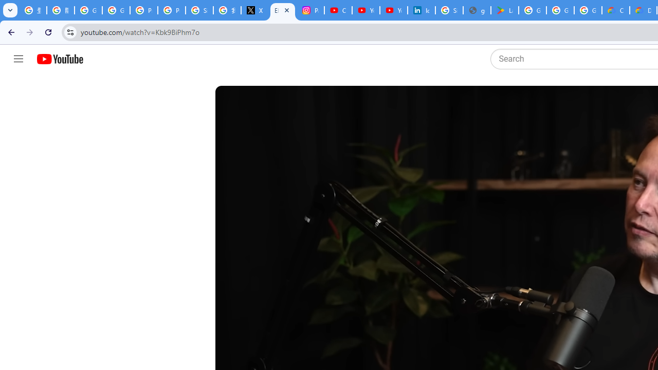 This screenshot has width=658, height=370. I want to click on 'X', so click(255, 10).